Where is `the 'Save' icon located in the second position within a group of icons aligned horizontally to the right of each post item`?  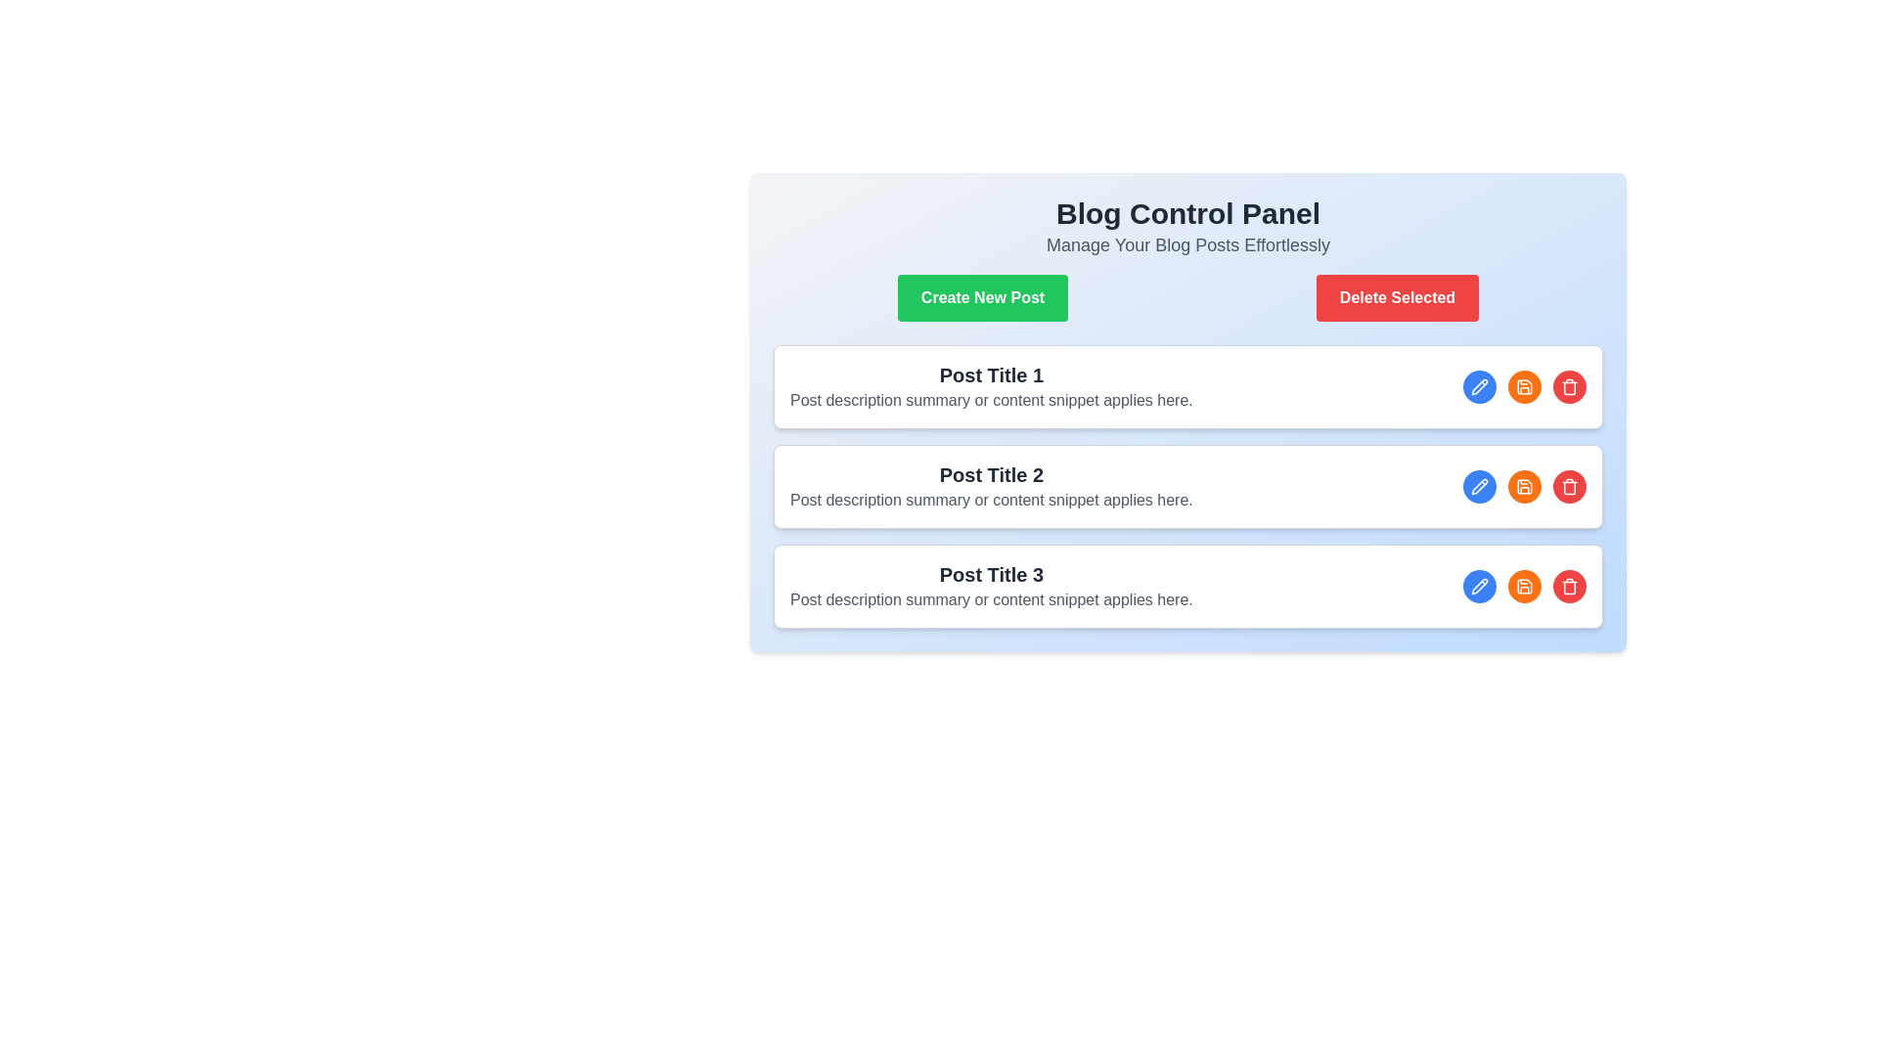
the 'Save' icon located in the second position within a group of icons aligned horizontally to the right of each post item is located at coordinates (1524, 586).